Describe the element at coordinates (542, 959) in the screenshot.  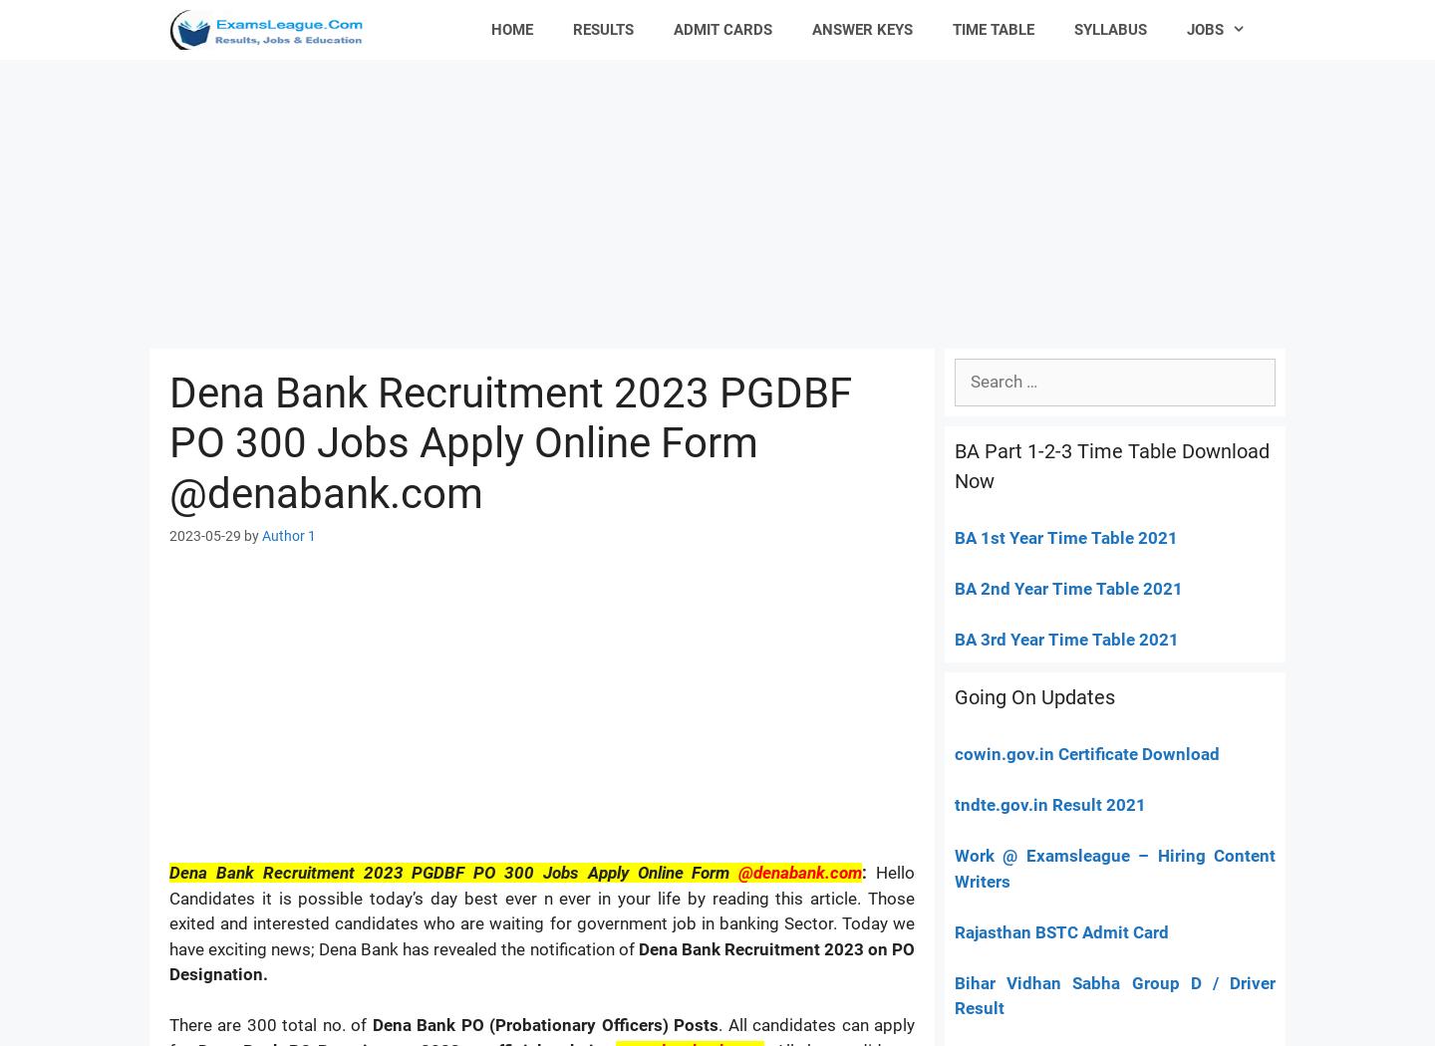
I see `'Dena Bank Recruitment 2023 on PO Designation.'` at that location.